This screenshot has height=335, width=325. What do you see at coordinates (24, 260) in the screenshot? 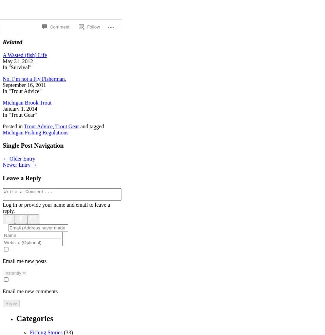
I see `'Email me new posts'` at bounding box center [24, 260].